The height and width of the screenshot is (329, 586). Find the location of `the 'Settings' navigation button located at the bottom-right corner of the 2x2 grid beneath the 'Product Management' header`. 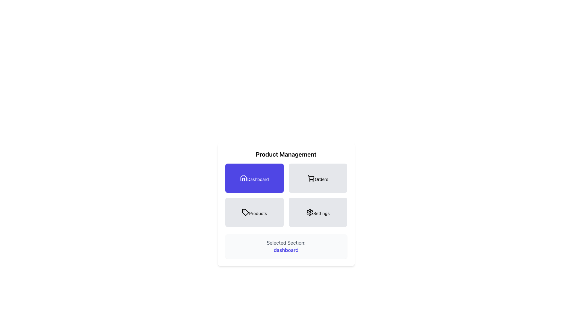

the 'Settings' navigation button located at the bottom-right corner of the 2x2 grid beneath the 'Product Management' header is located at coordinates (317, 212).